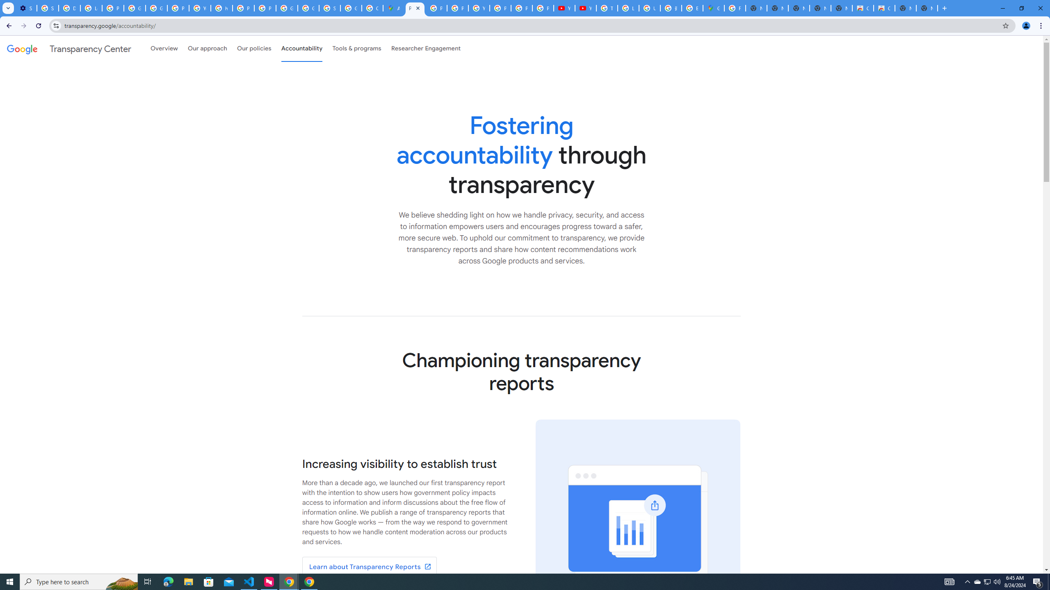  What do you see at coordinates (458, 8) in the screenshot?
I see `'Privacy Help Center - Policies Help'` at bounding box center [458, 8].